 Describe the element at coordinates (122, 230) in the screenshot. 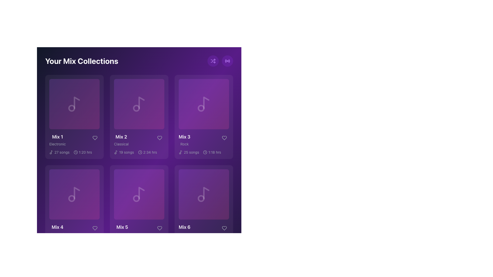

I see `text from the Text Label indicating the music mix card's name and genre, located in the second row and second column of the 'Your Mix Collections' grid layout, directly above the 'Mix 5' label and 'Electronic' description` at that location.